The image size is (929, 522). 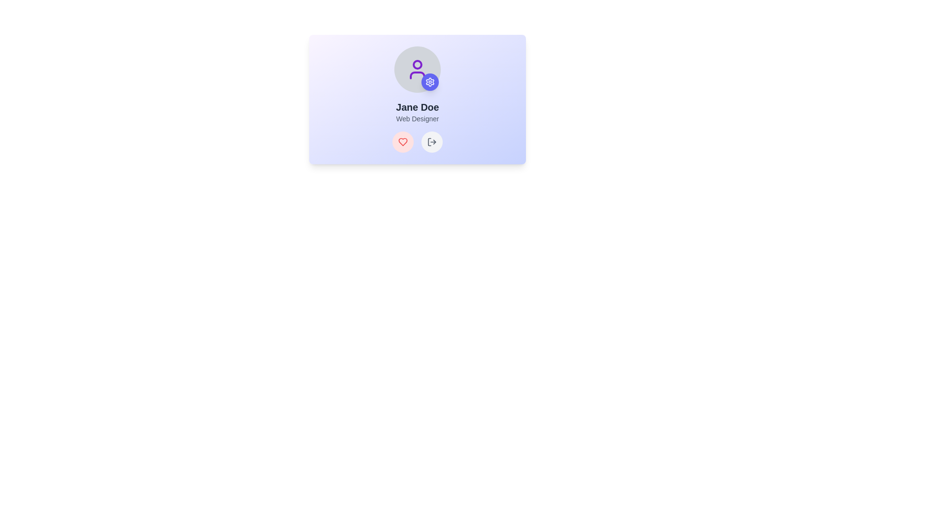 What do you see at coordinates (403, 142) in the screenshot?
I see `the heart icon located within a circular button below the name and title` at bounding box center [403, 142].